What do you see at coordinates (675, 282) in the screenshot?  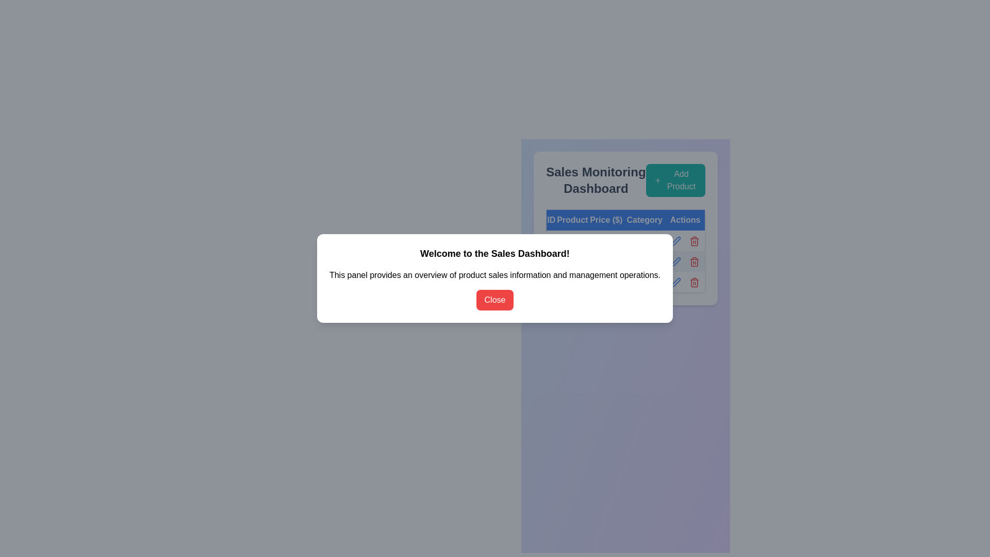 I see `the edit icon located in the action column of the tabular data interface under the dashboard heading` at bounding box center [675, 282].